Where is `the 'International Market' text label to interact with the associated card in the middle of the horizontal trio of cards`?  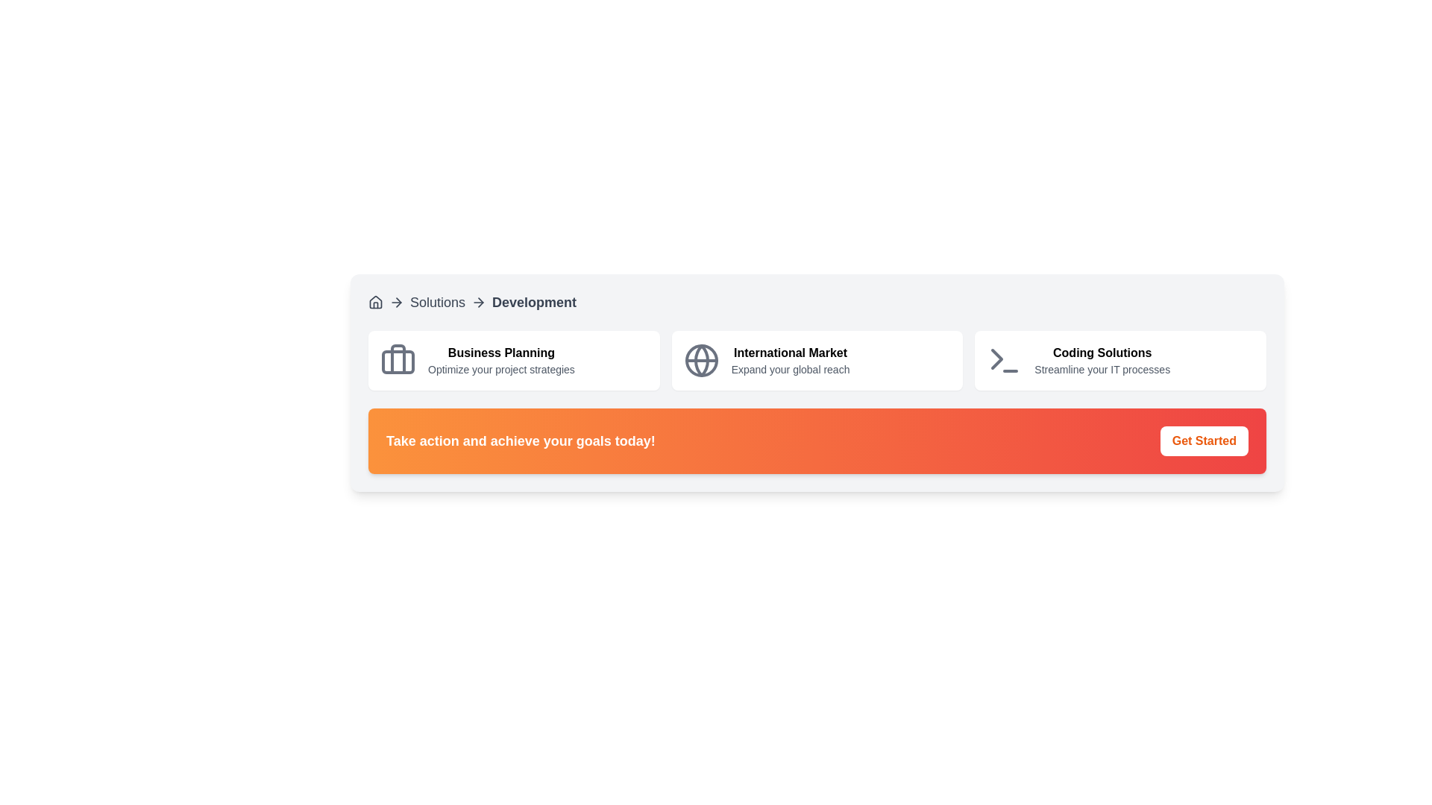 the 'International Market' text label to interact with the associated card in the middle of the horizontal trio of cards is located at coordinates (790, 353).